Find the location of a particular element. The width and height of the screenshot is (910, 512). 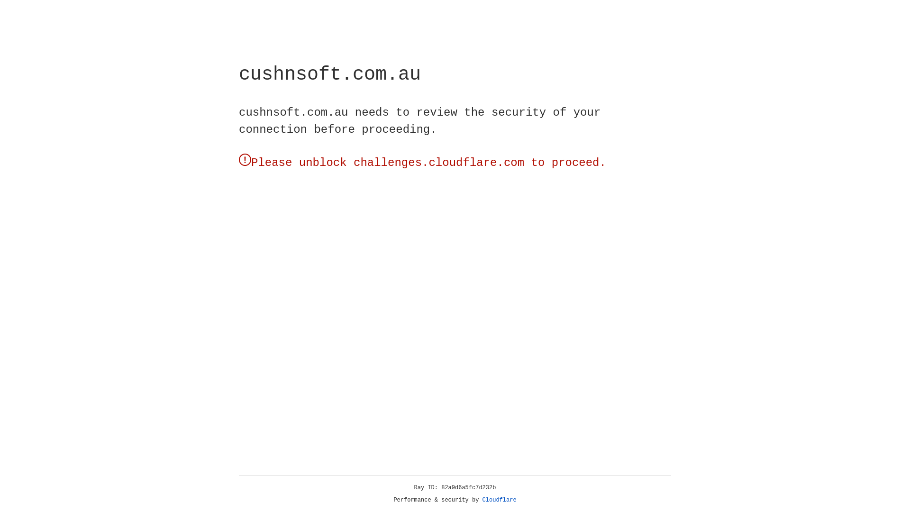

'Cloudflare' is located at coordinates (499, 500).